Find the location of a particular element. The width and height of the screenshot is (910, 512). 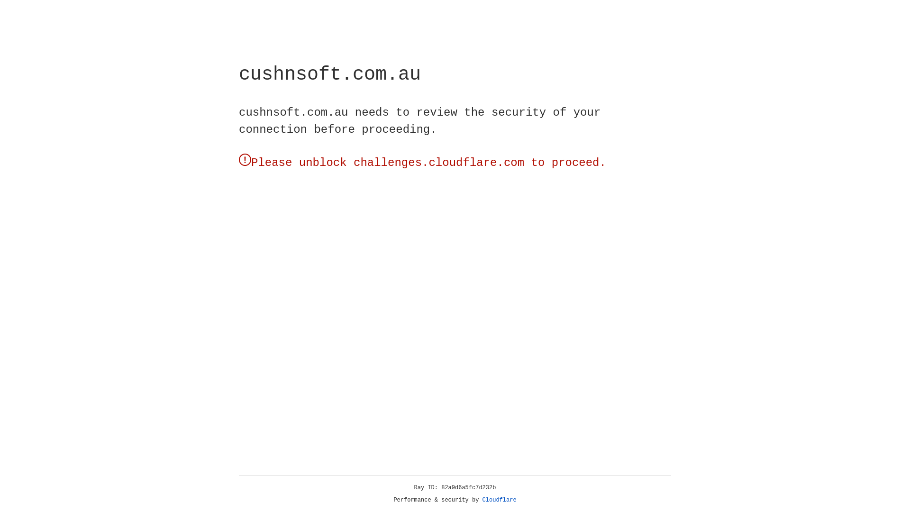

'Cloudflare' is located at coordinates (499, 500).